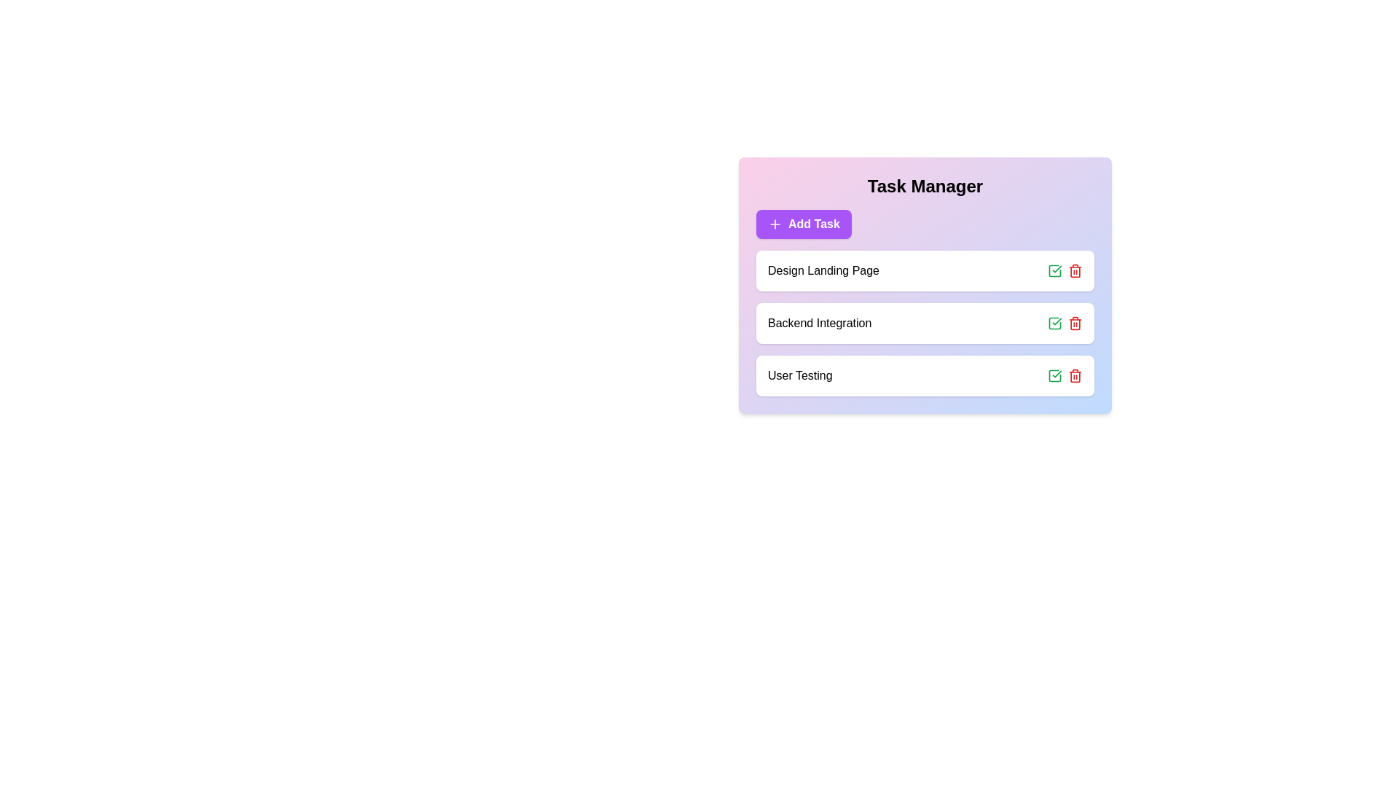  Describe the element at coordinates (803, 224) in the screenshot. I see `the 'Add Task' button to add a new task` at that location.